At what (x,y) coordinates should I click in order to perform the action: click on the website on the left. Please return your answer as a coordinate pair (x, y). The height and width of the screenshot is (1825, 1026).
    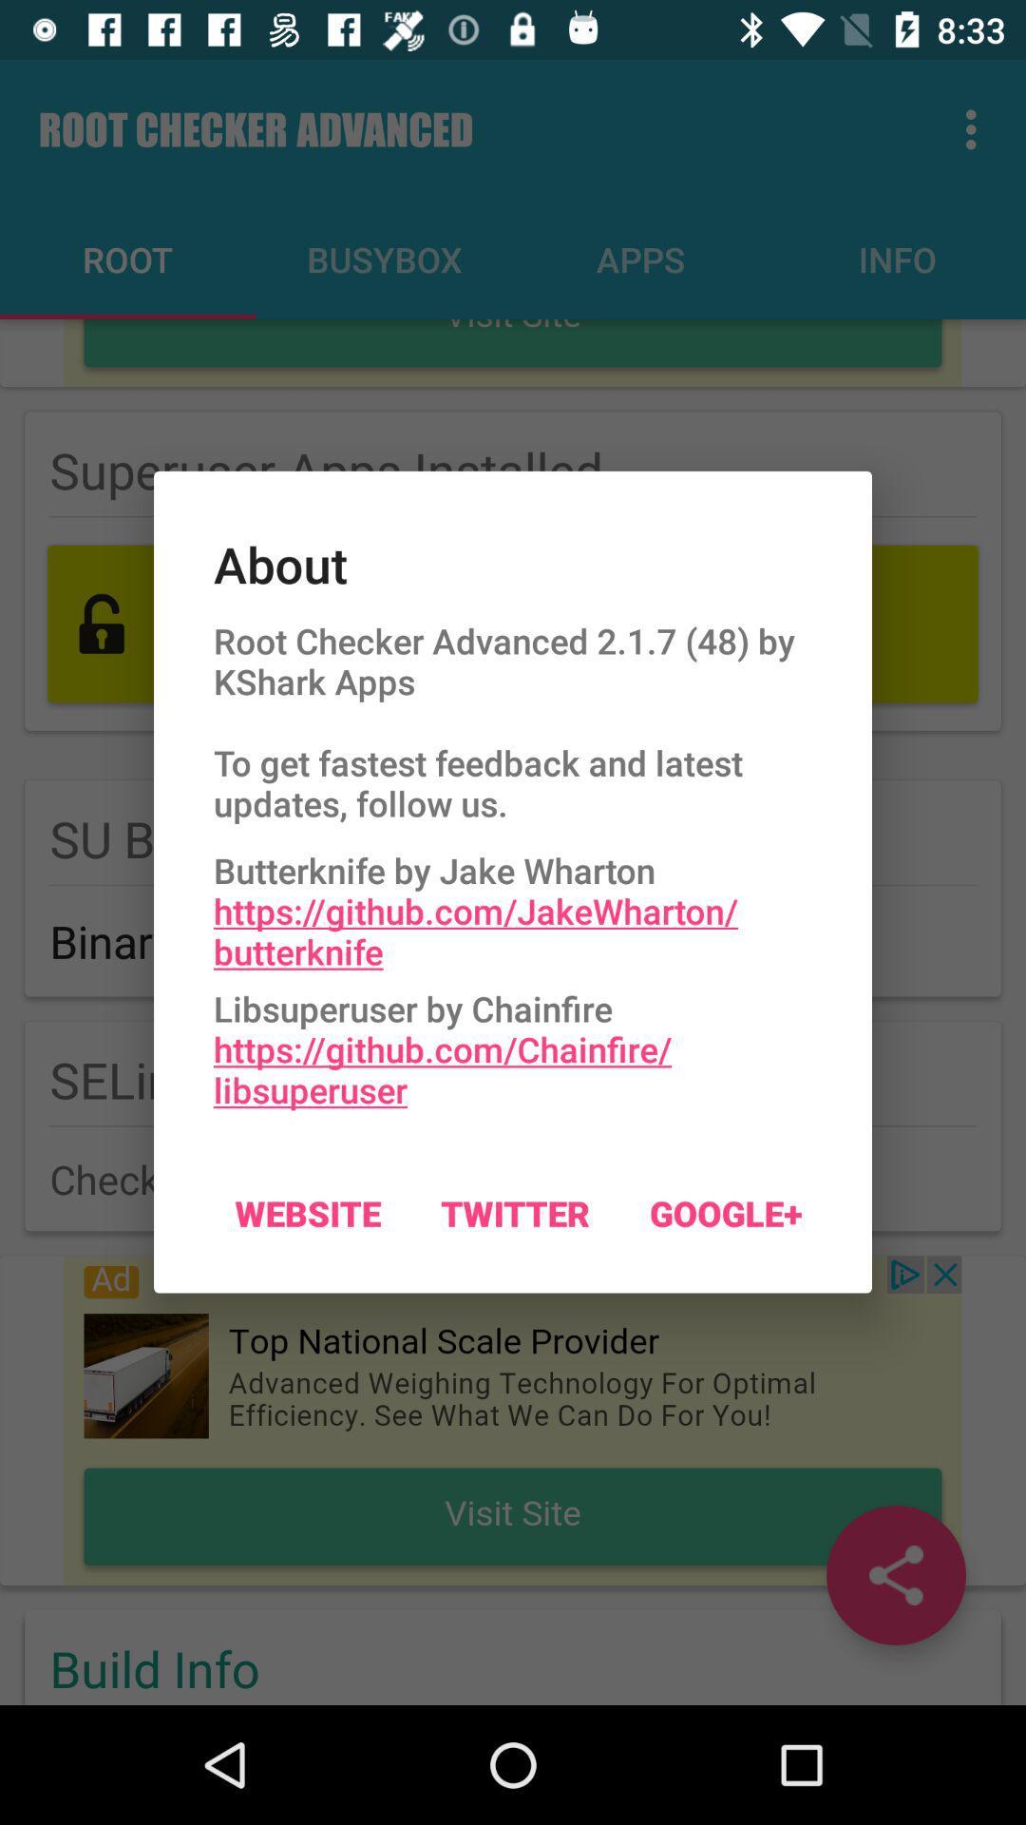
    Looking at the image, I should click on (307, 1212).